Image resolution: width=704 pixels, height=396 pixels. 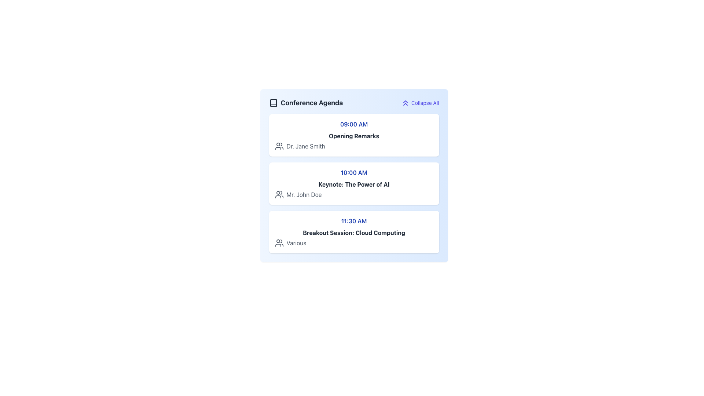 I want to click on the decorative icon located to the left of the 'Conference Agenda' text in the header, so click(x=273, y=103).